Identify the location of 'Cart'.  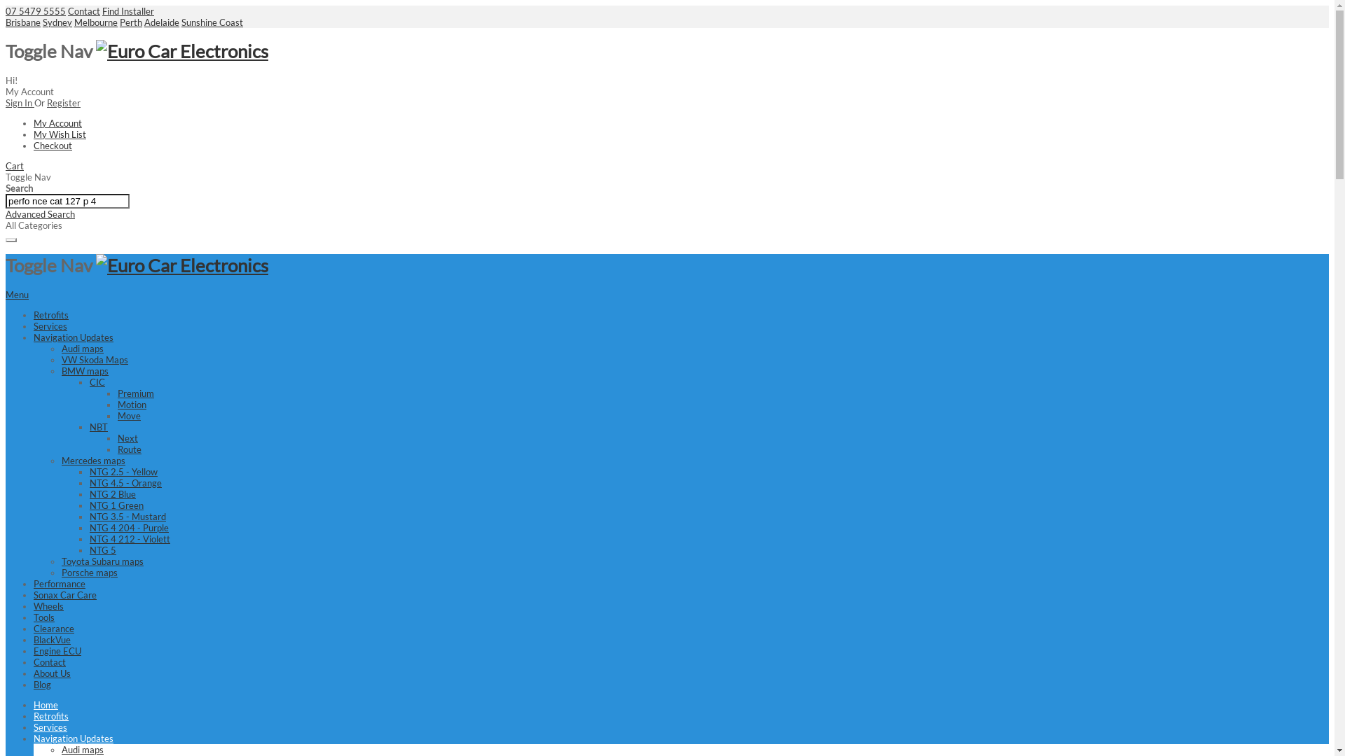
(14, 164).